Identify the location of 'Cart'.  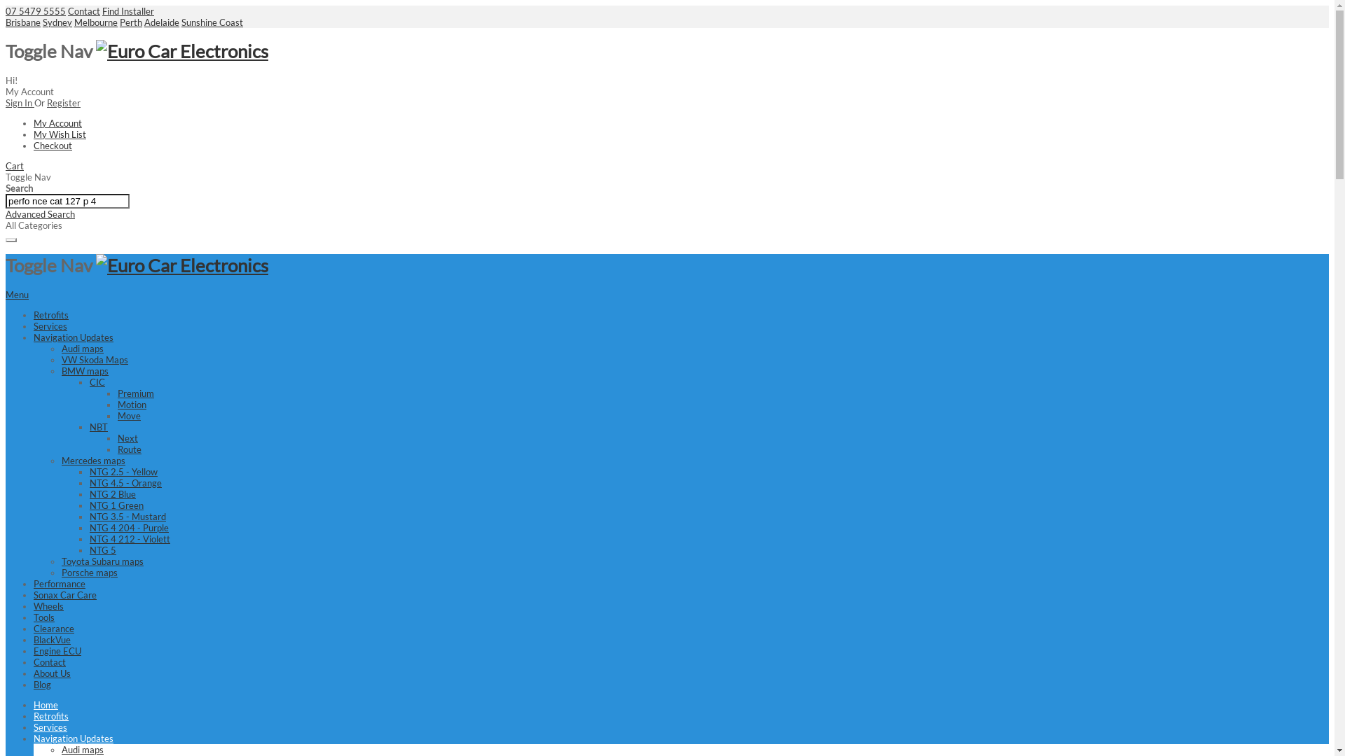
(14, 164).